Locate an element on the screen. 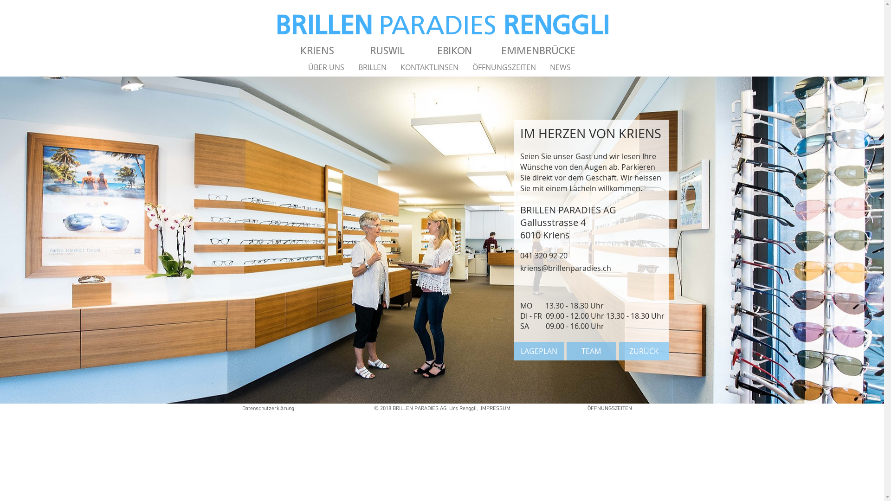  'KONTAKTLINSEN' is located at coordinates (394, 67).